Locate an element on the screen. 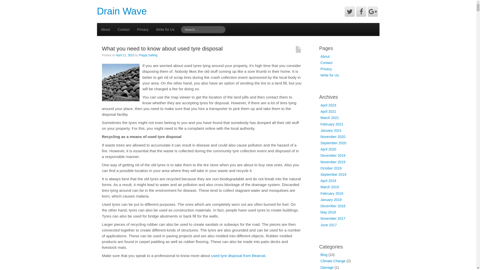  'April 2019' is located at coordinates (328, 180).